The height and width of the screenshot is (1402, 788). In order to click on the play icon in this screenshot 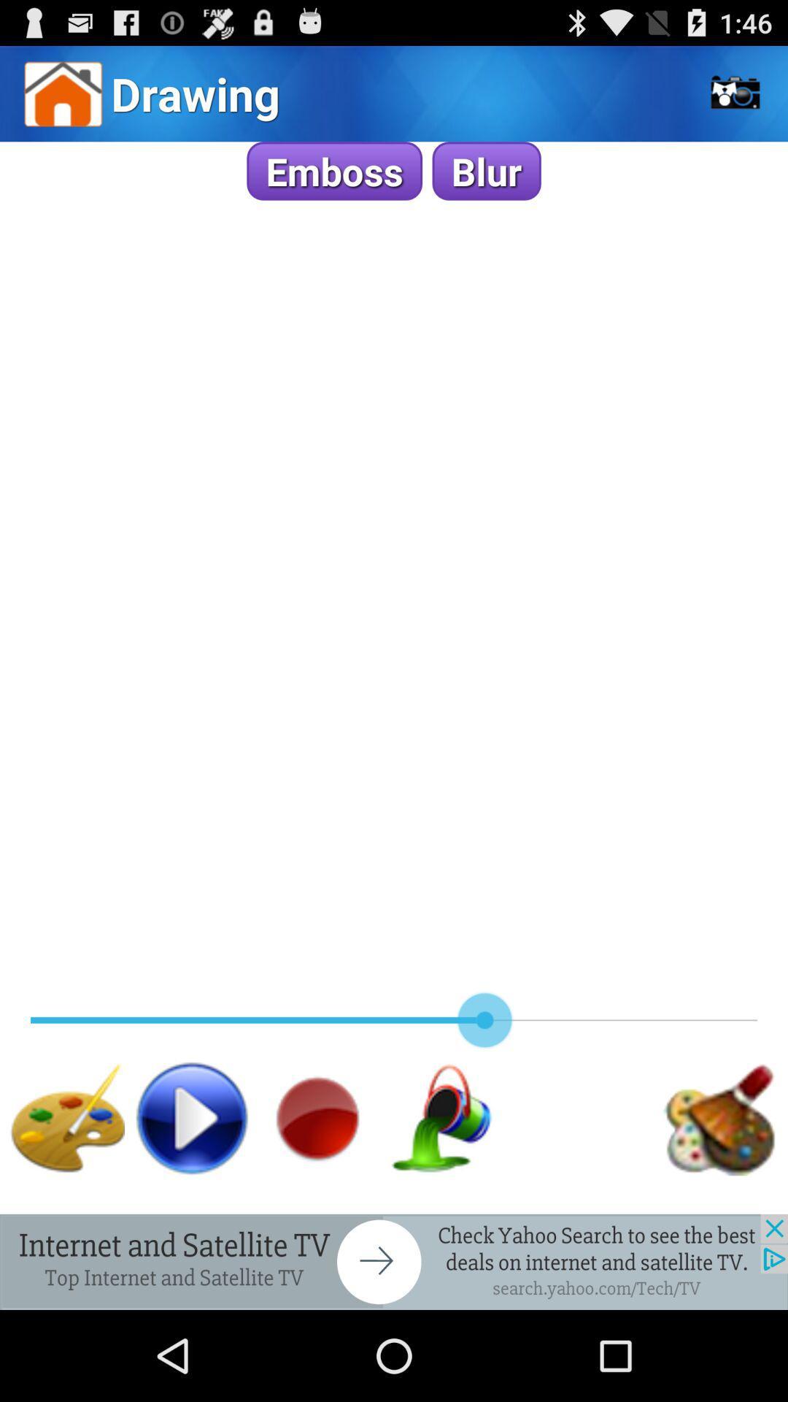, I will do `click(191, 1197)`.